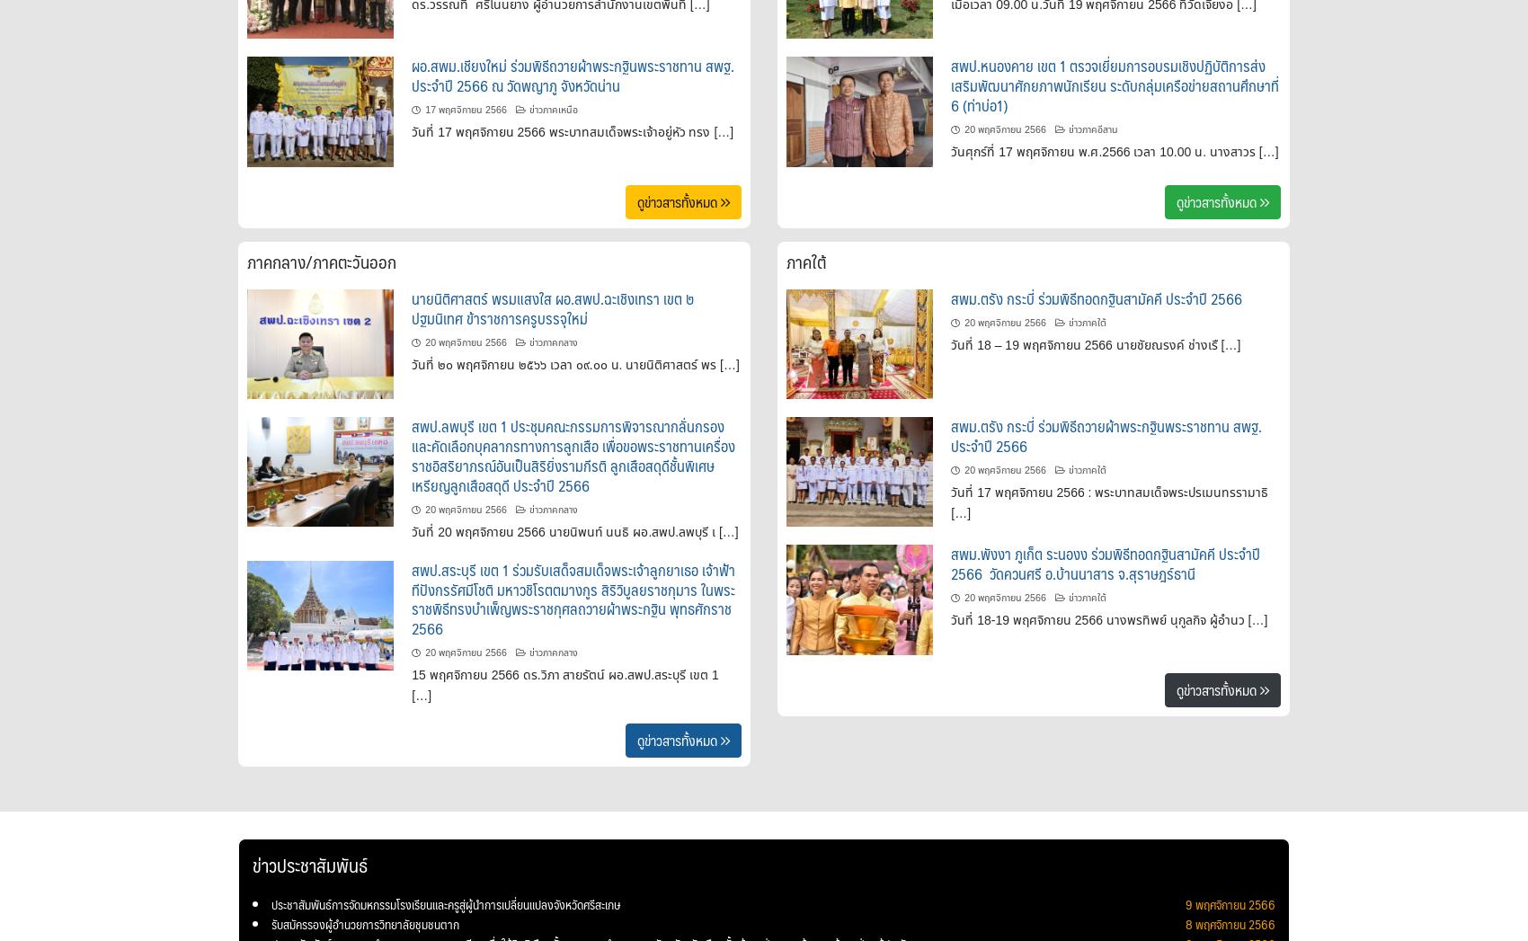 This screenshot has height=941, width=1528. What do you see at coordinates (1114, 84) in the screenshot?
I see `'สพป.หนองคาย เขต 1 ตรวจเยี่ยมการอบรมเชิงปฏิบัติการส่งเสริมพัฒนาศักยภาพนักเรียน ระดับกลุ่มเครือข่ายสถานศึกษาที่ 6 (ท่าบ่อ1)'` at bounding box center [1114, 84].